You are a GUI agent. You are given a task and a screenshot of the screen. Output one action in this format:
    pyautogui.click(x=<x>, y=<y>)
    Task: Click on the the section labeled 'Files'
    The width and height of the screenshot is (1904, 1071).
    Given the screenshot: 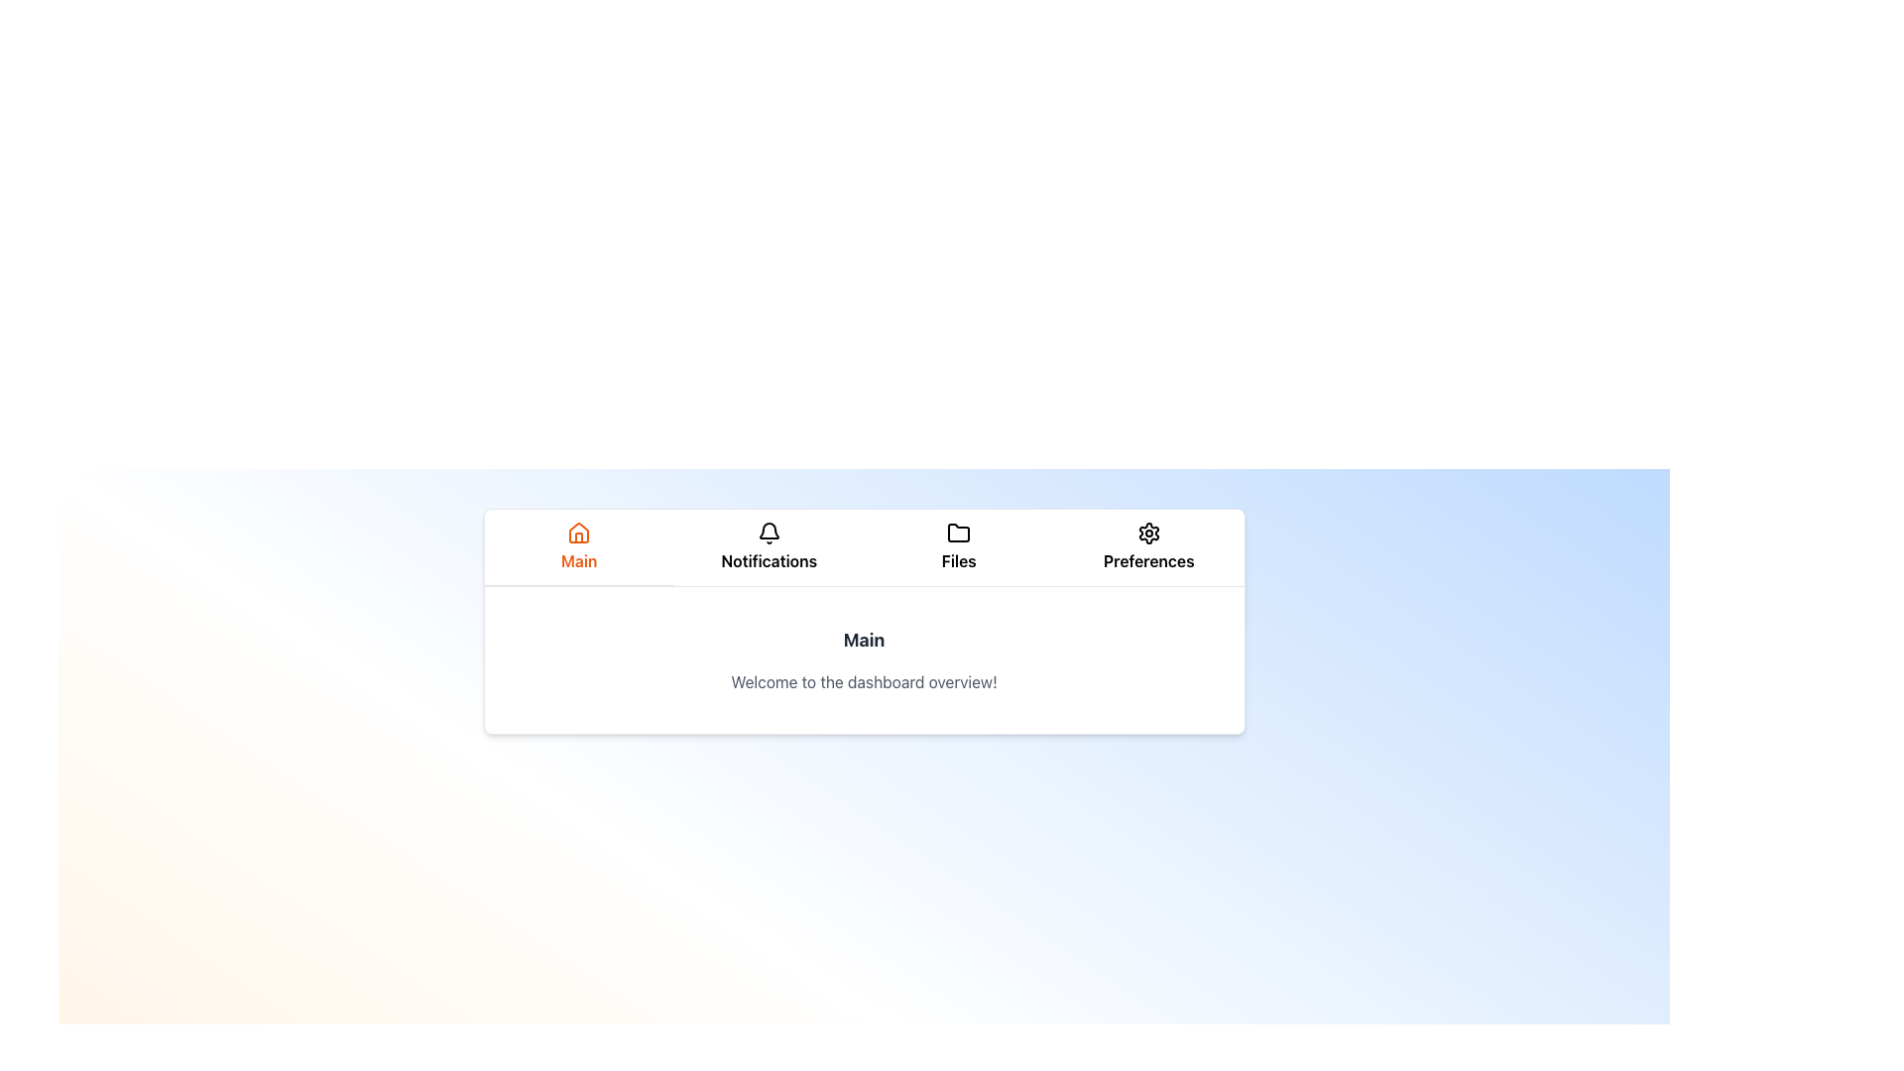 What is the action you would take?
    pyautogui.click(x=959, y=561)
    